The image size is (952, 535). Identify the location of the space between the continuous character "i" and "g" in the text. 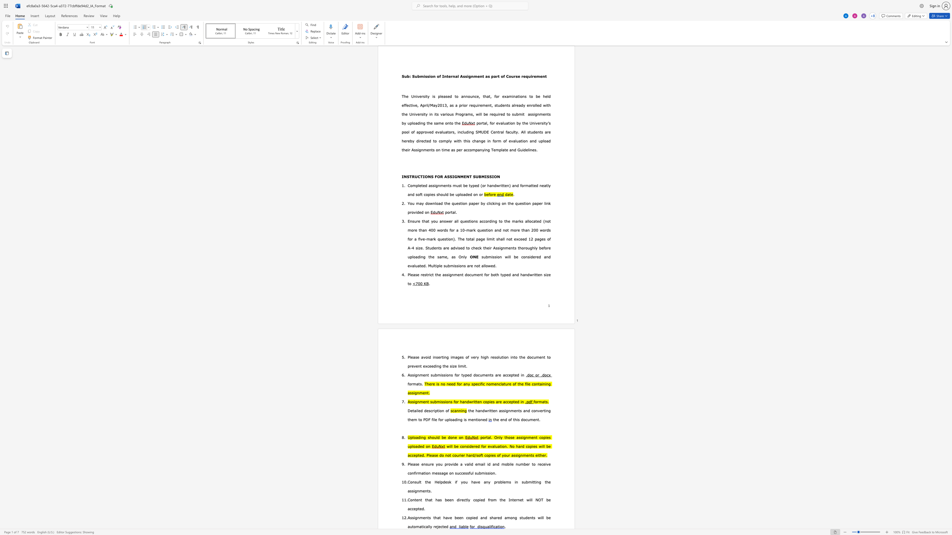
(415, 517).